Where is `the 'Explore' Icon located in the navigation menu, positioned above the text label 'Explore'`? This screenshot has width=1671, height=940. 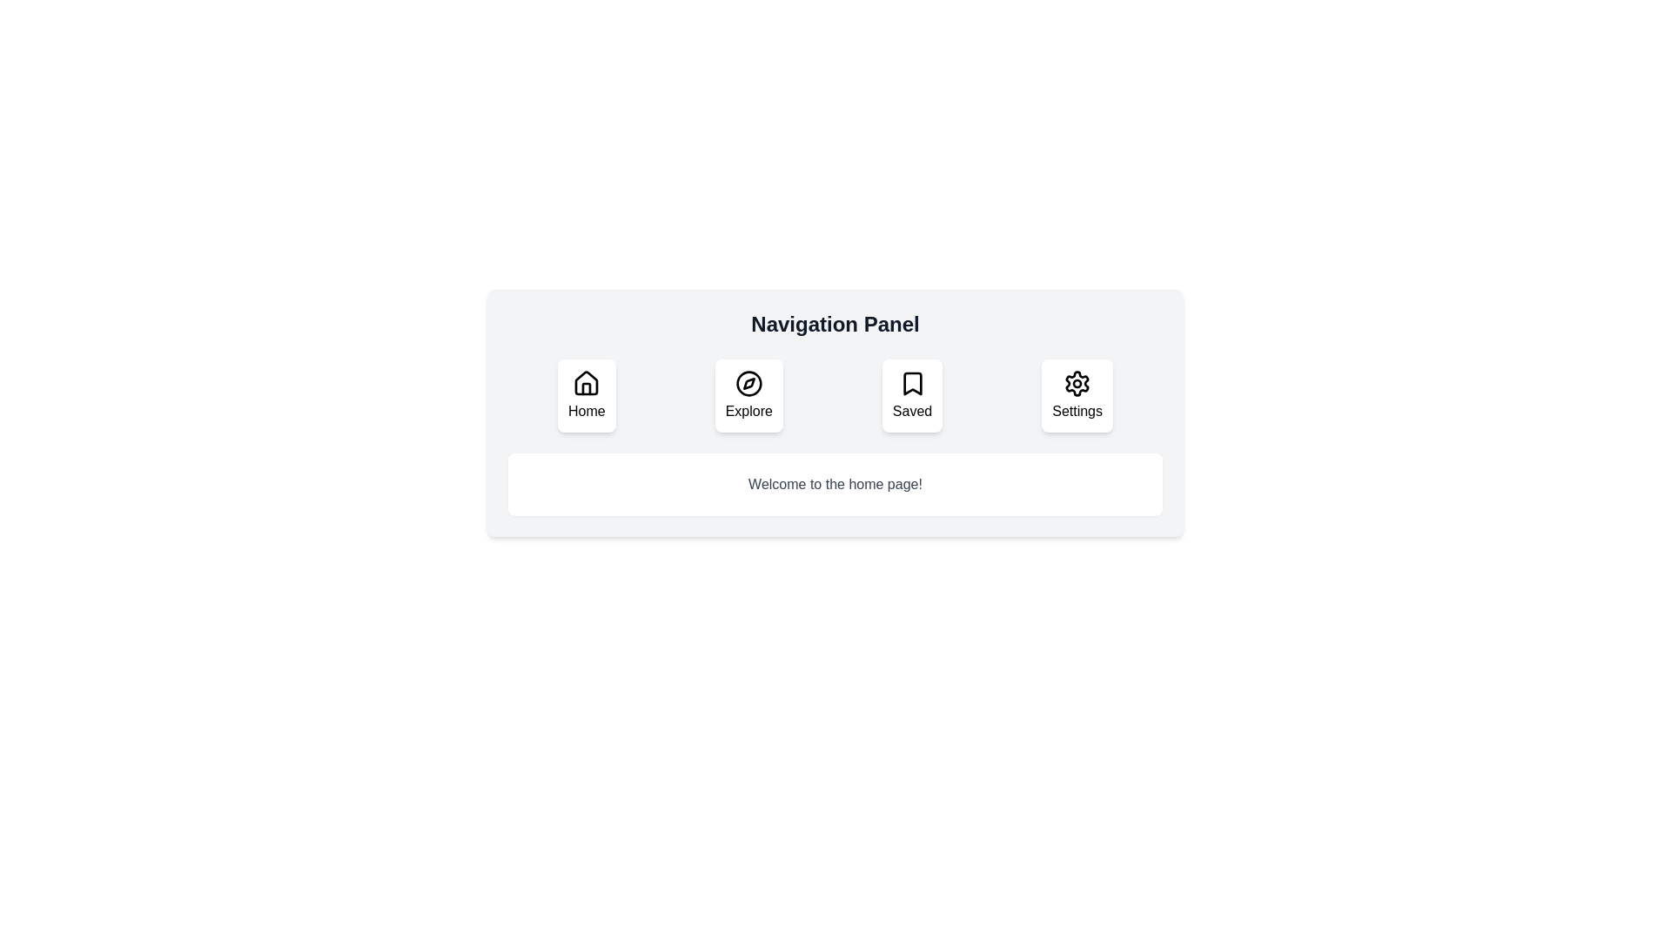 the 'Explore' Icon located in the navigation menu, positioned above the text label 'Explore' is located at coordinates (748, 382).